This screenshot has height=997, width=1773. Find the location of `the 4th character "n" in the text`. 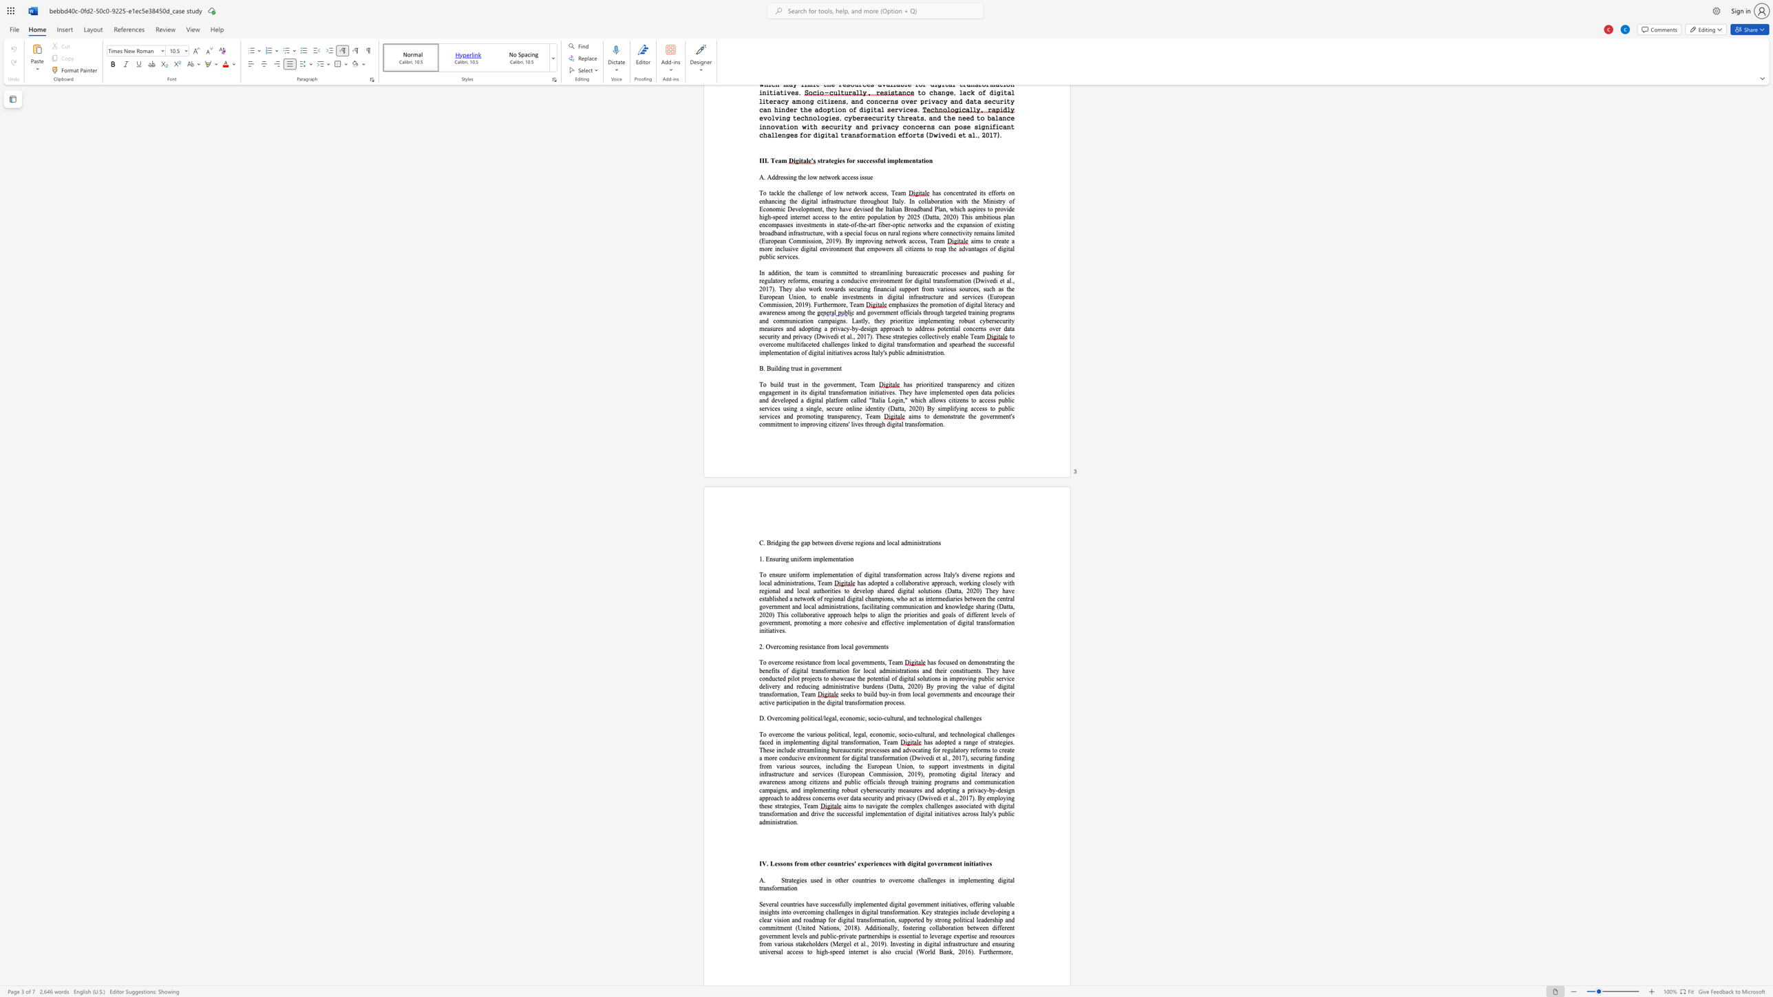

the 4th character "n" in the text is located at coordinates (837, 559).